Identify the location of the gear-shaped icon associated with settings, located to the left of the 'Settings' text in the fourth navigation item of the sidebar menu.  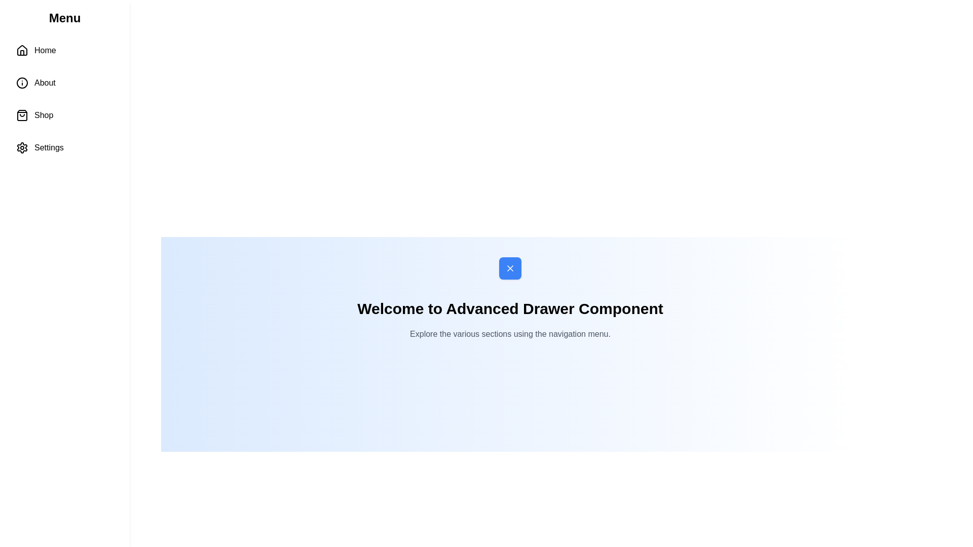
(22, 148).